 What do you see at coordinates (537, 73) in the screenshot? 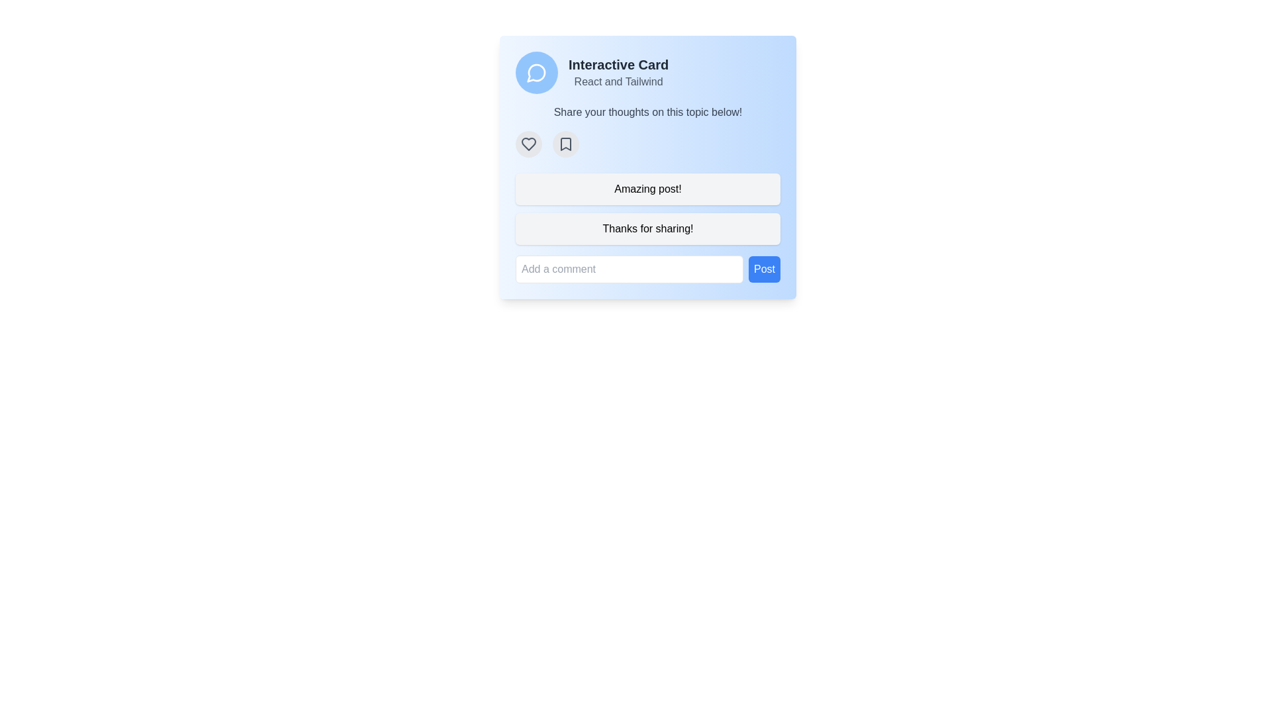
I see `the circular blue icon button with a speech bubble icon located in the upper left area of the card layout, adjacent to the title 'Interactive Card'` at bounding box center [537, 73].